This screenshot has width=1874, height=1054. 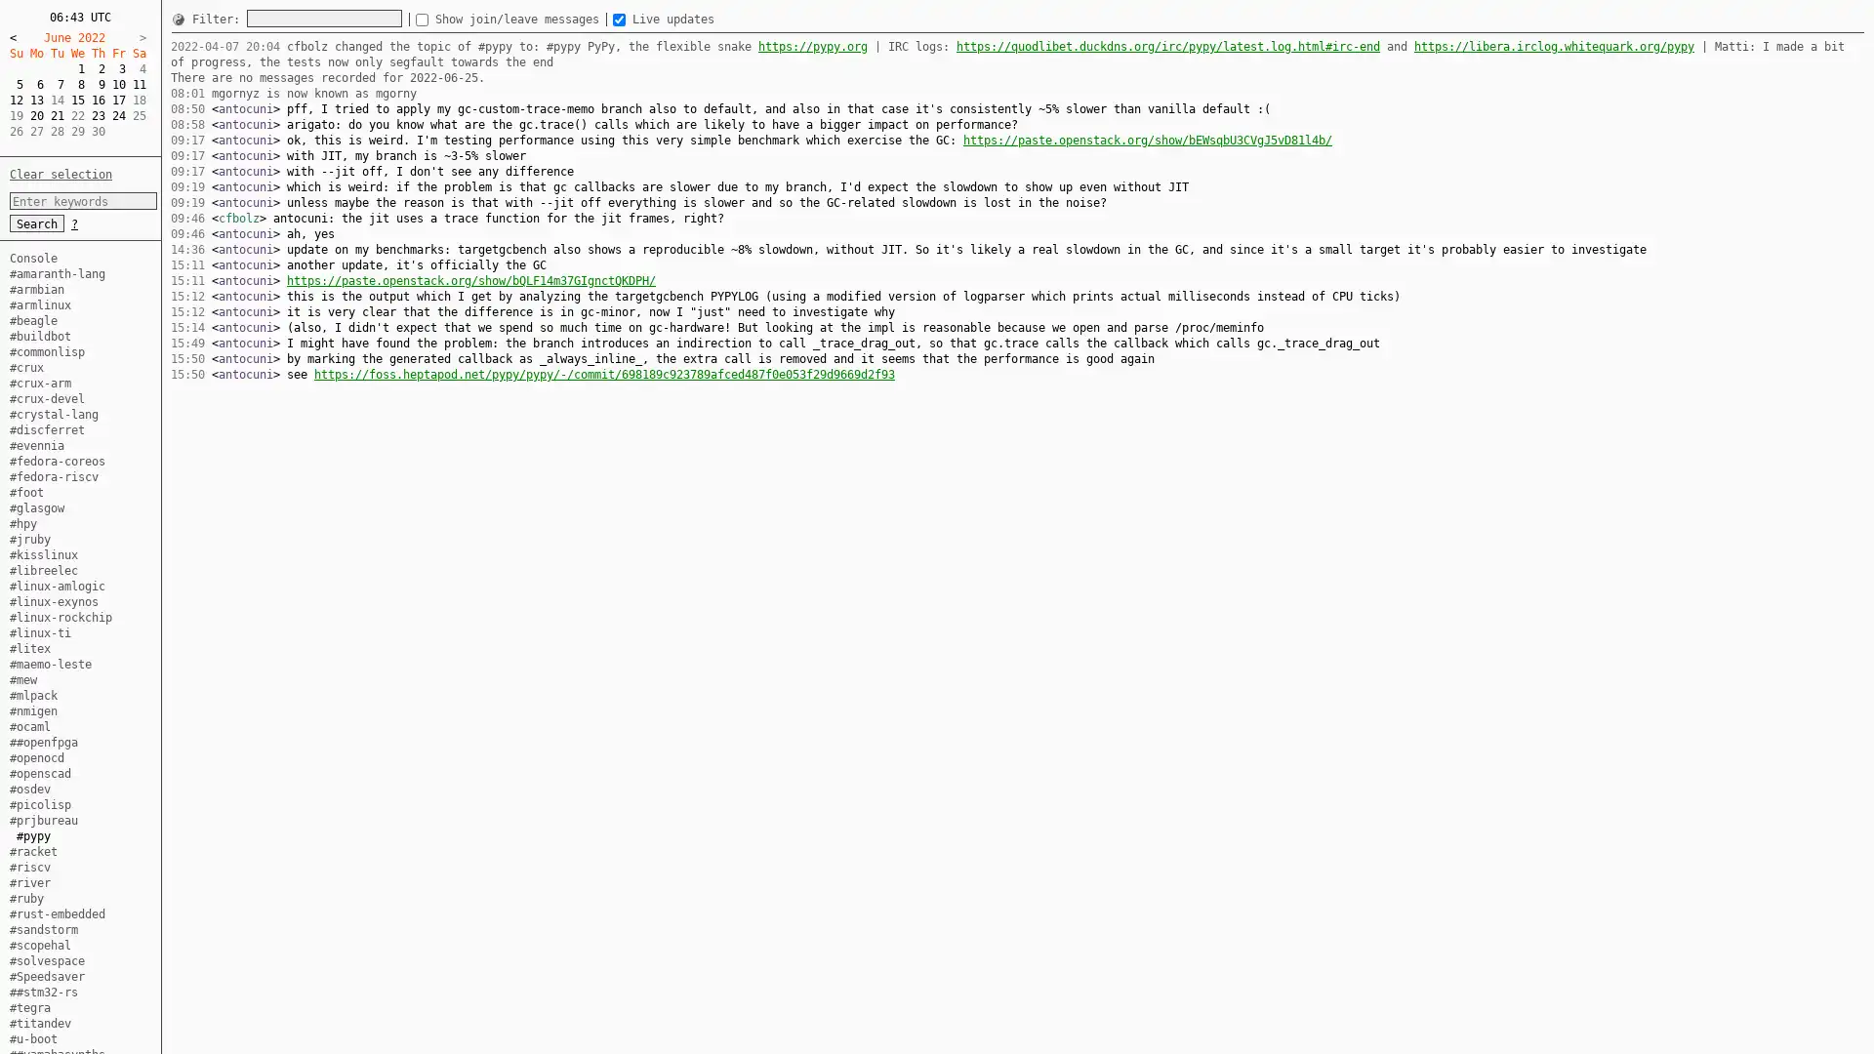 I want to click on Search, so click(x=37, y=222).